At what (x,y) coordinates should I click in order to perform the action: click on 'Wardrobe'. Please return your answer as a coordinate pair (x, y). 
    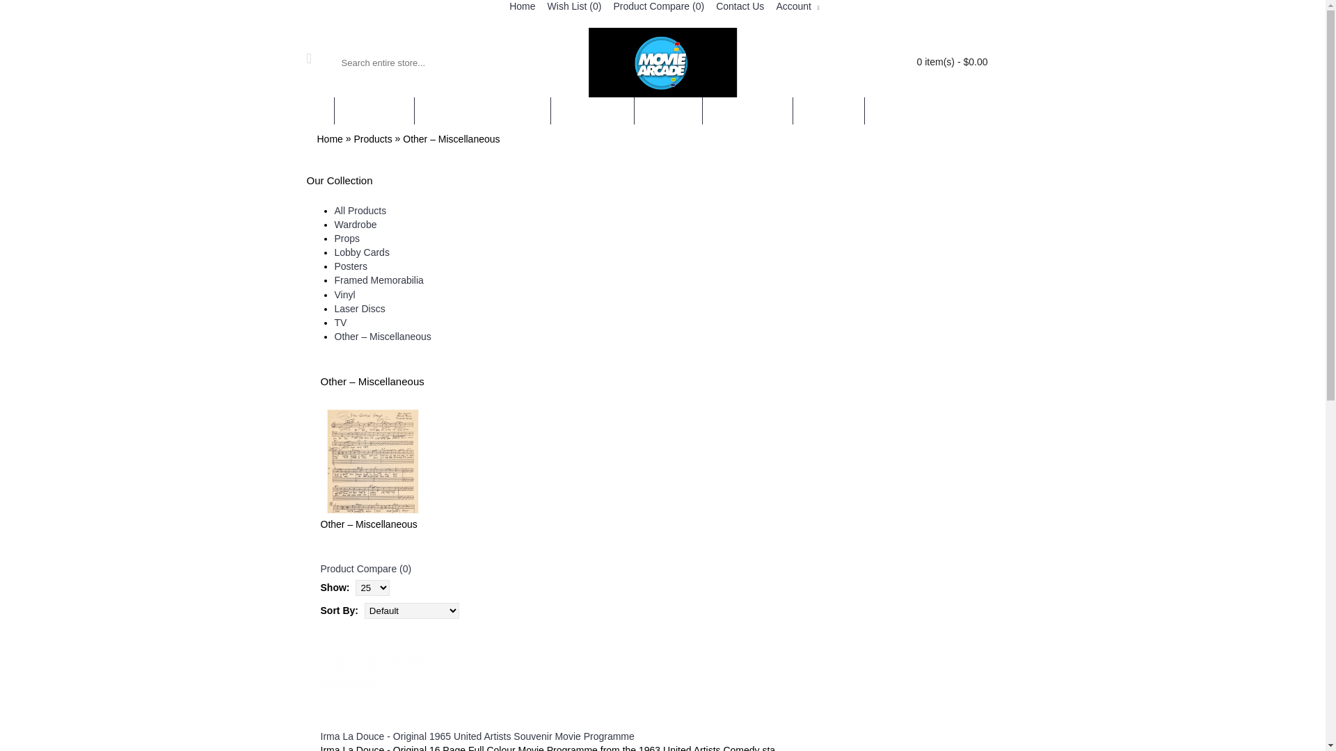
    Looking at the image, I should click on (334, 224).